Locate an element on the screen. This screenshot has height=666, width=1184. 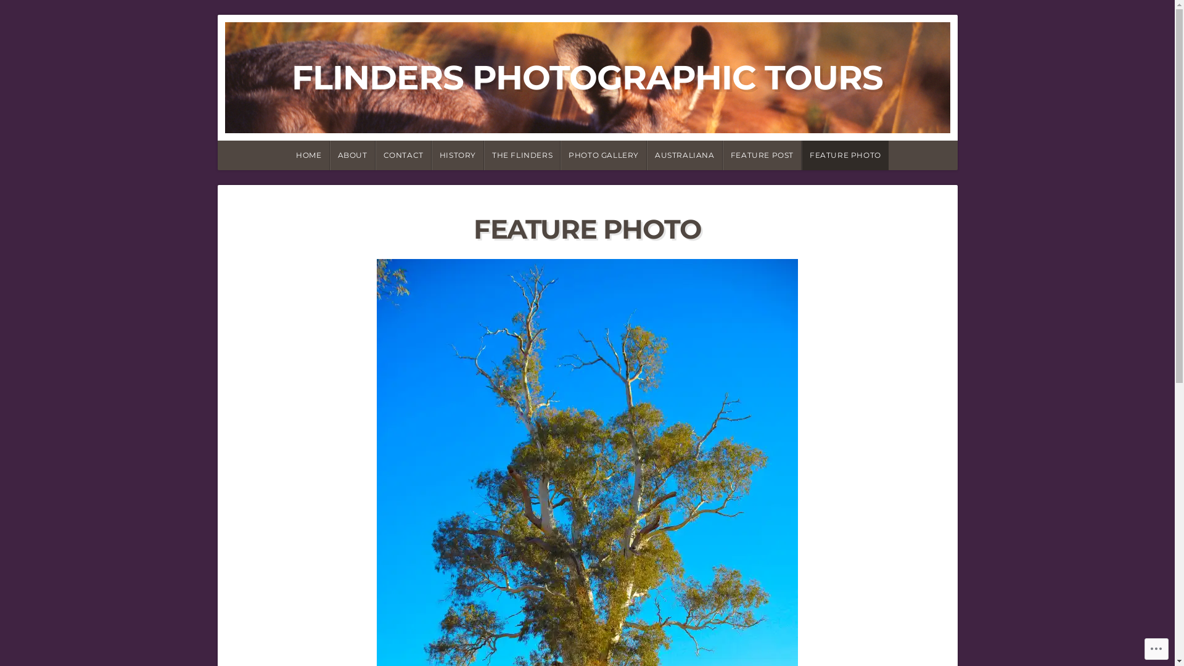
'FEATURE POST' is located at coordinates (722, 154).